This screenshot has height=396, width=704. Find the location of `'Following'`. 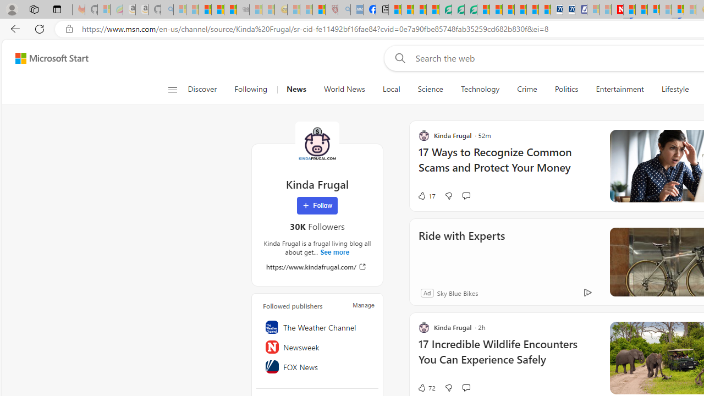

'Following' is located at coordinates (251, 89).